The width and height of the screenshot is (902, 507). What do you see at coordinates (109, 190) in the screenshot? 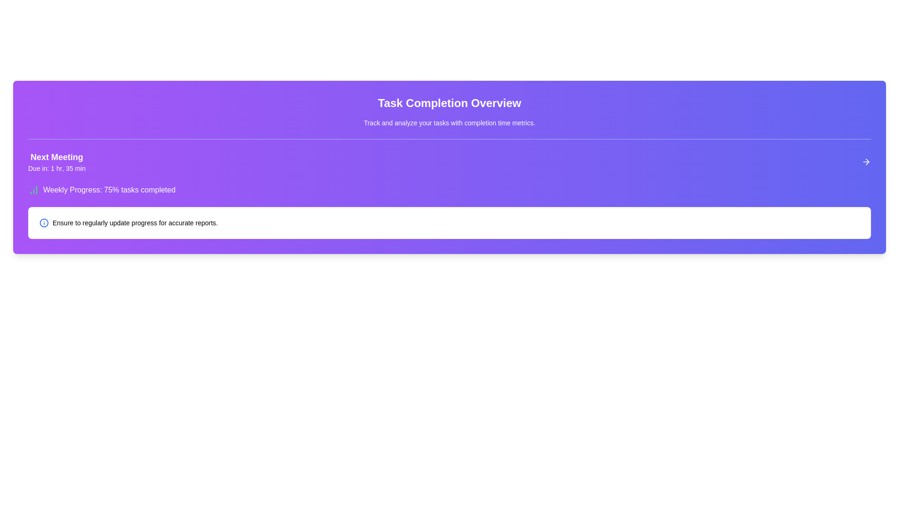
I see `the content of the progress information Text Label, which indicates the completion percentage of tasks for the week, located centrally below the 'Next Meeting' information and to the right of a green progress icon` at bounding box center [109, 190].